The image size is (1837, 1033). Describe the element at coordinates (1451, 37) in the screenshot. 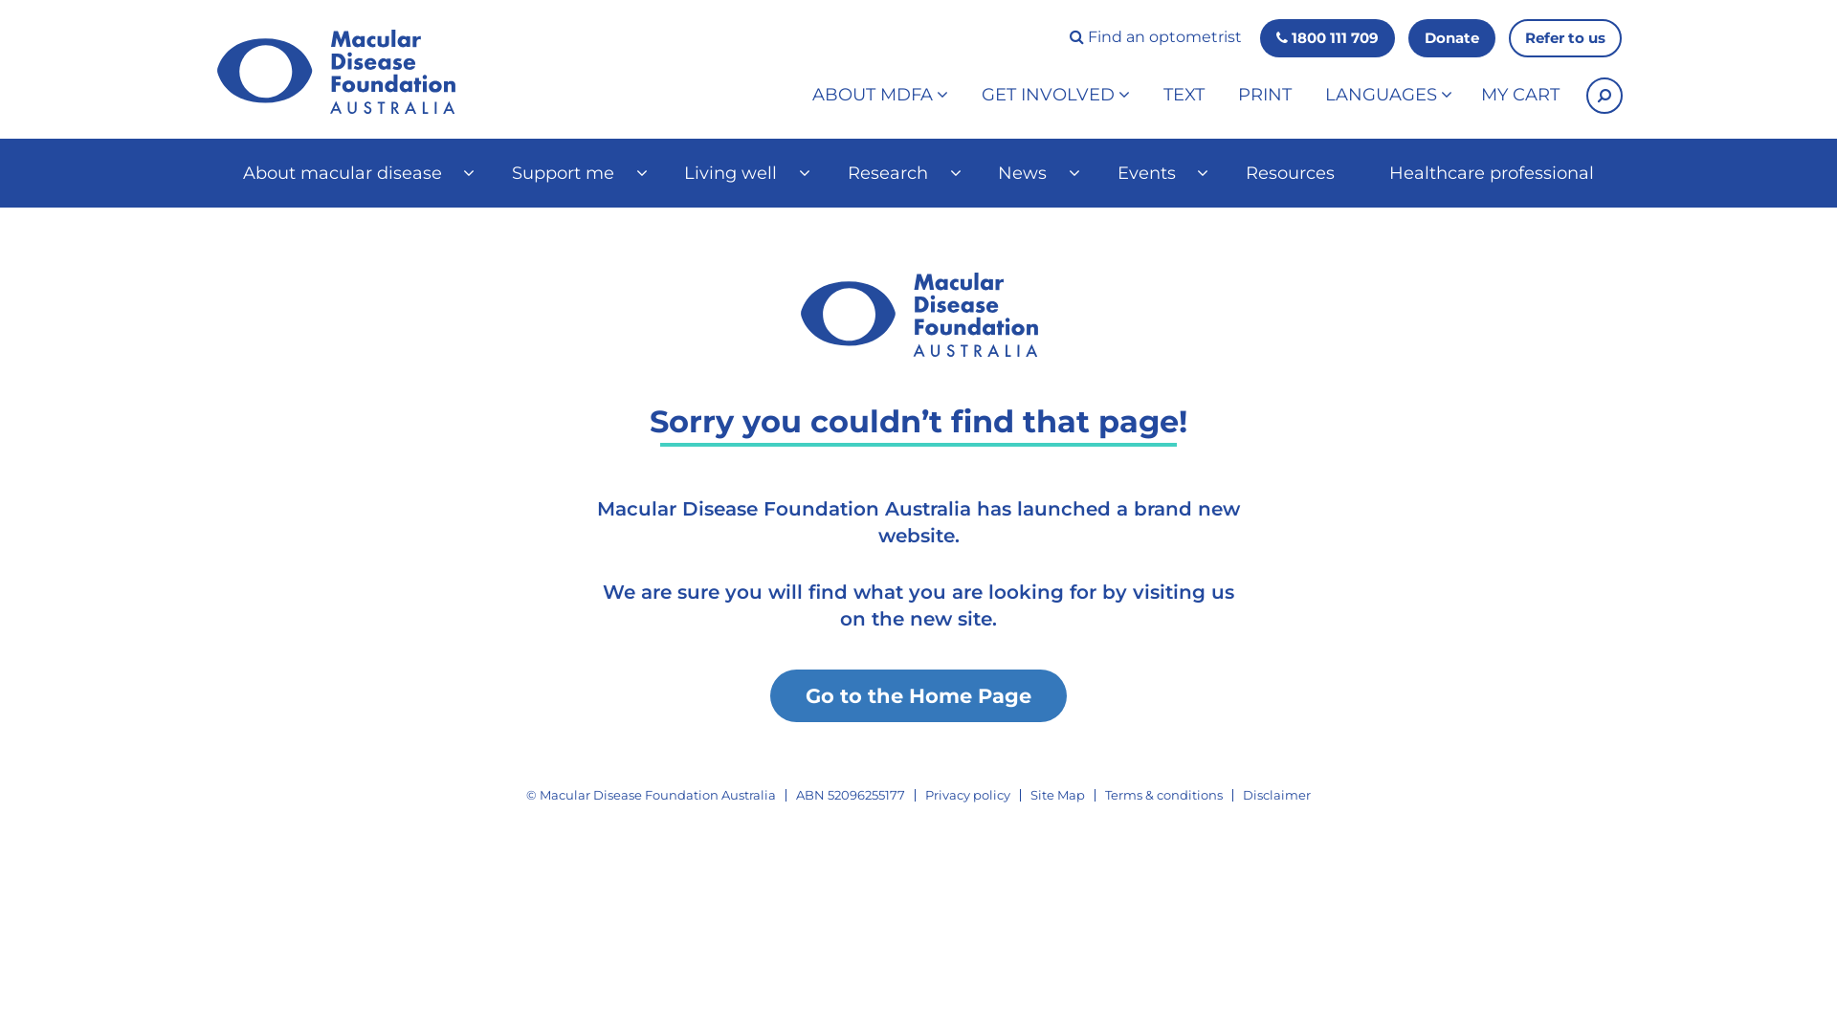

I see `'Donate'` at that location.